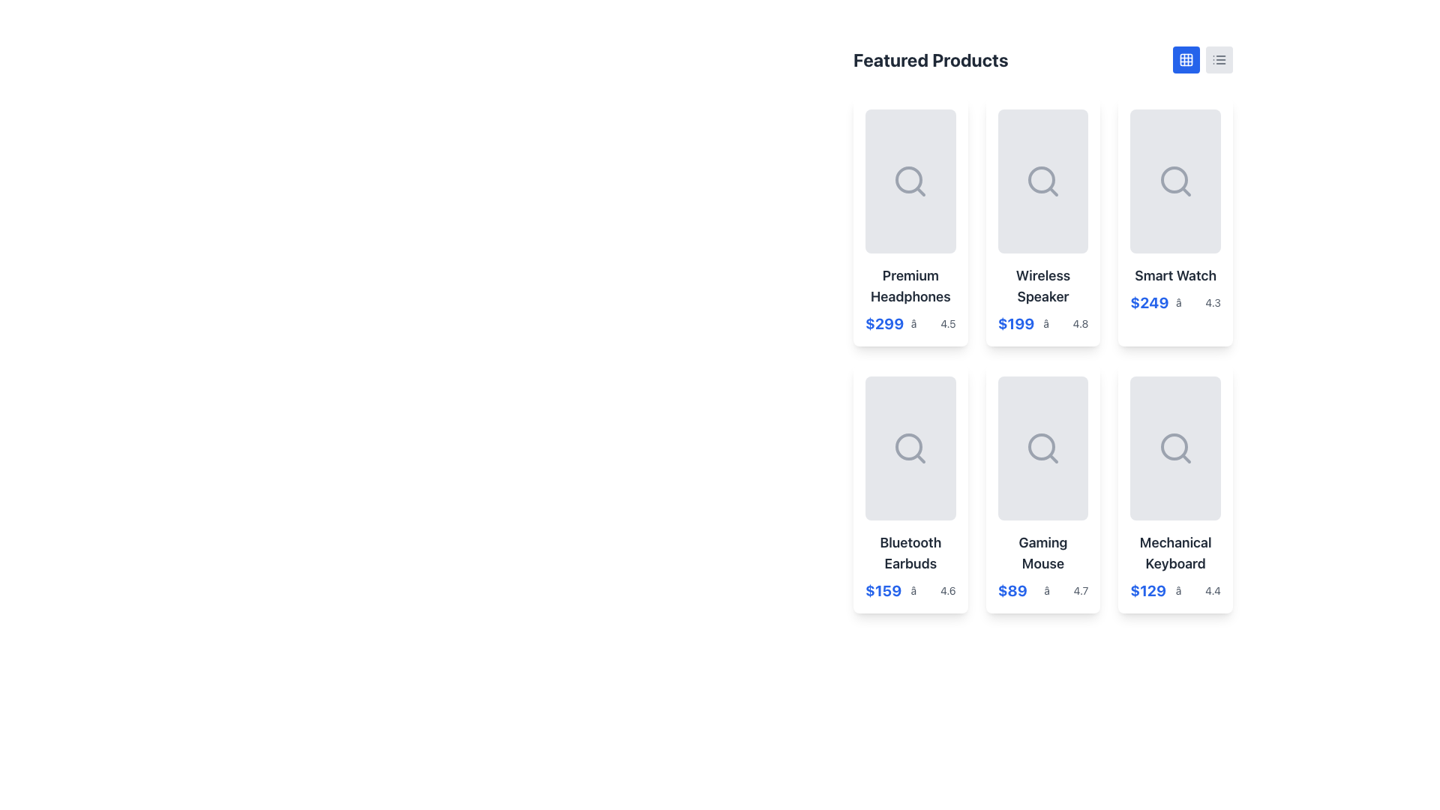 The width and height of the screenshot is (1440, 810). I want to click on the circular decorative SVG element within the magnifying glass icon, located in the bottom row of the grid layout at the right-most cell for the 'Mechanical Keyboard' product, so click(1173, 446).